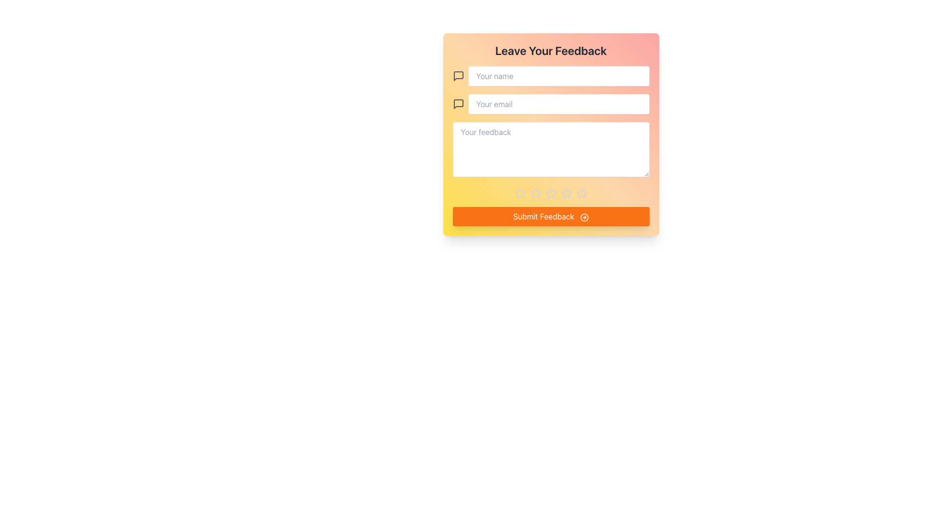  Describe the element at coordinates (584, 217) in the screenshot. I see `the Circle (SVG Element) that is part of the 'circle-arrow-right' icon, located near the bottom-right corner of the 'Submit Feedback' button` at that location.